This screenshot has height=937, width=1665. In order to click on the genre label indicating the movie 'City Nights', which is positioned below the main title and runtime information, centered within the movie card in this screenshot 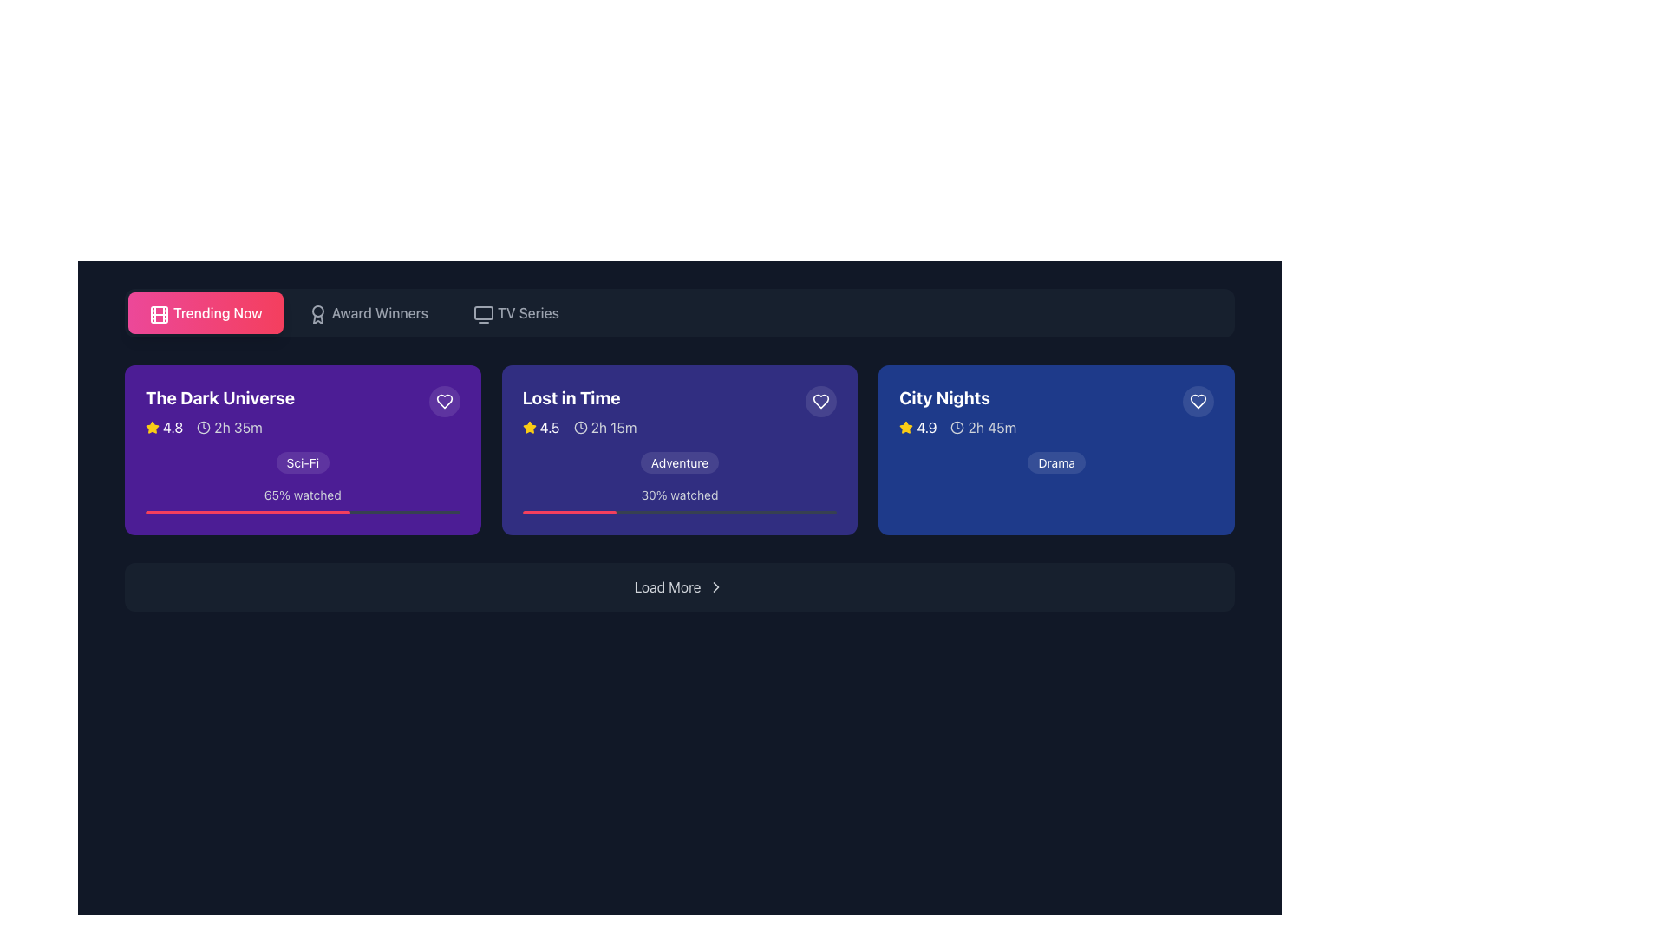, I will do `click(1055, 462)`.